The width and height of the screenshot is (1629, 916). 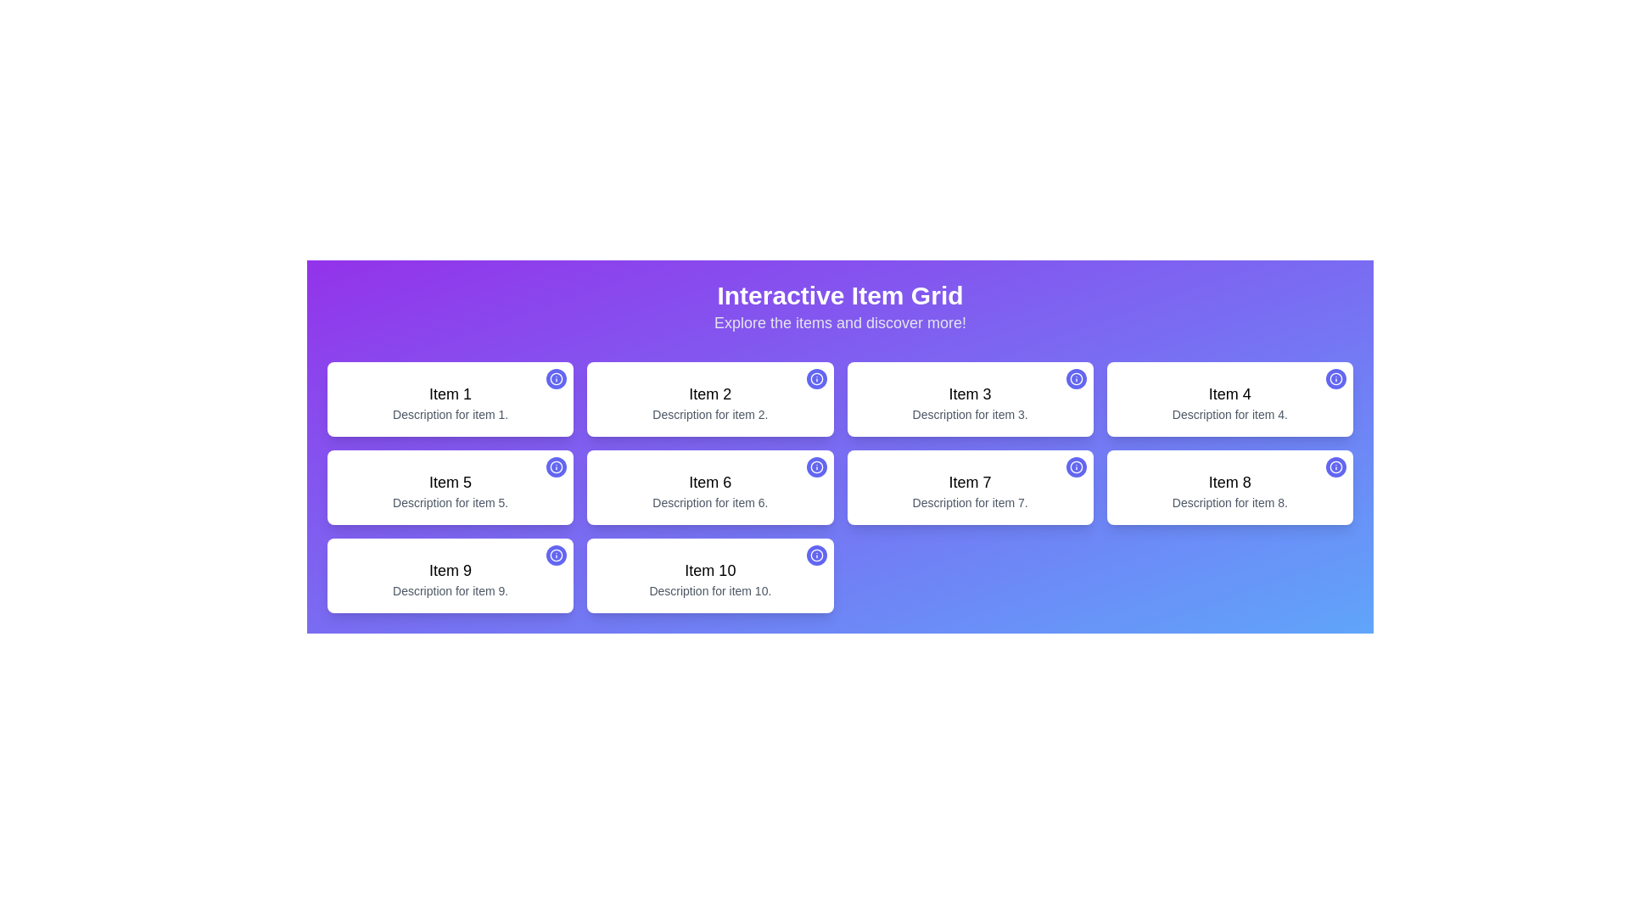 What do you see at coordinates (816, 467) in the screenshot?
I see `the action trigger button located at the top-right corner of the 'Item 6' card to focus or display the tooltip` at bounding box center [816, 467].